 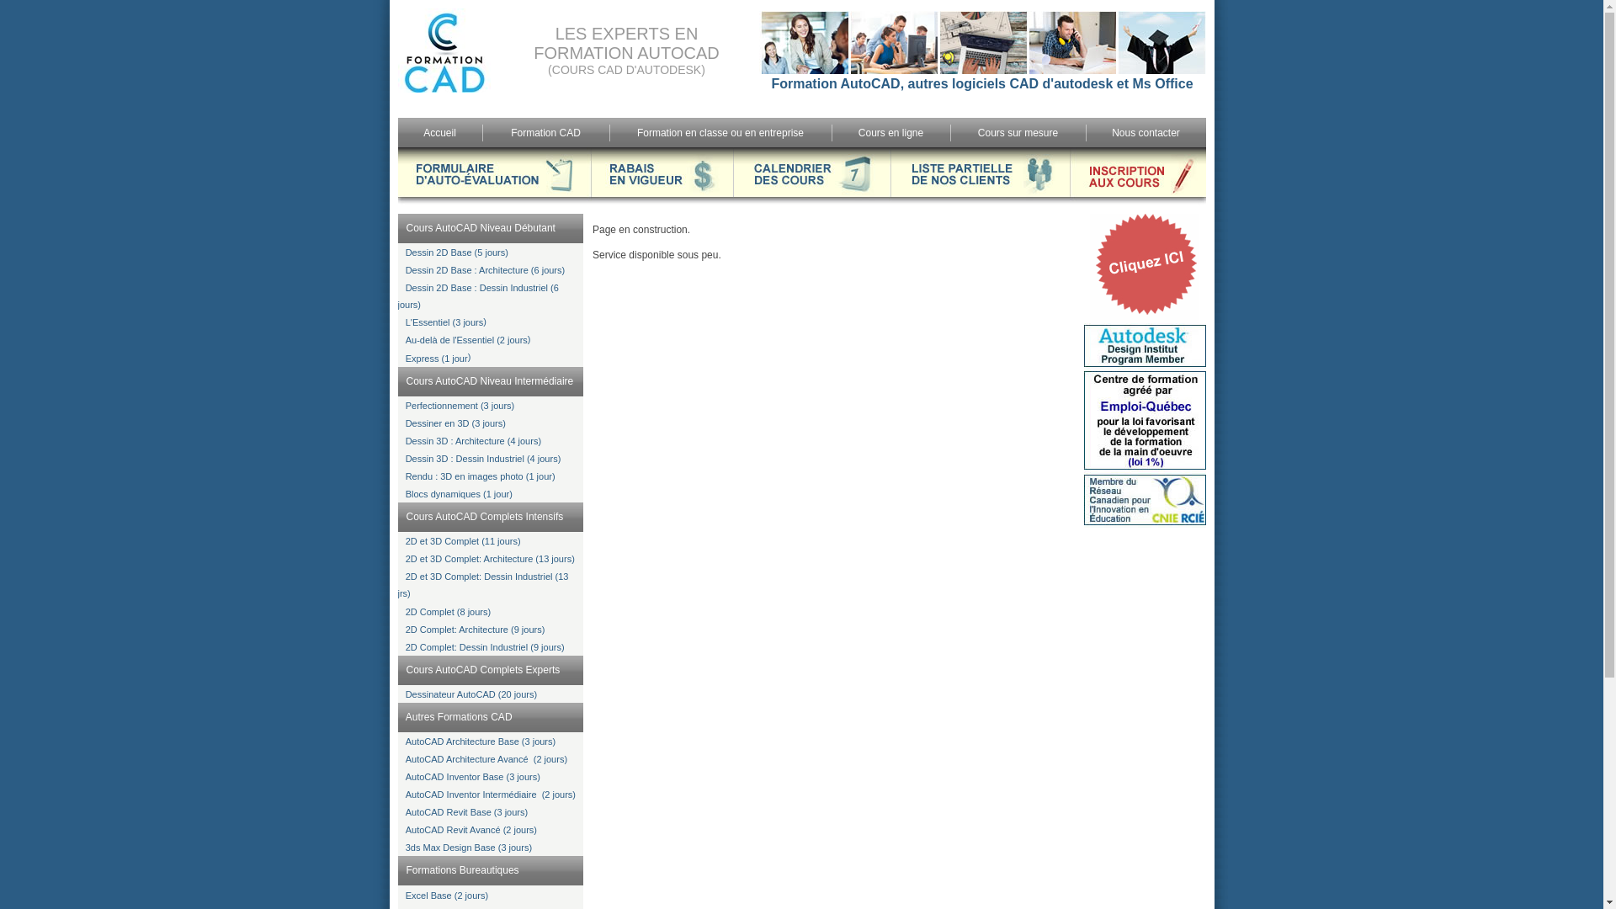 What do you see at coordinates (439, 131) in the screenshot?
I see `'Accueil'` at bounding box center [439, 131].